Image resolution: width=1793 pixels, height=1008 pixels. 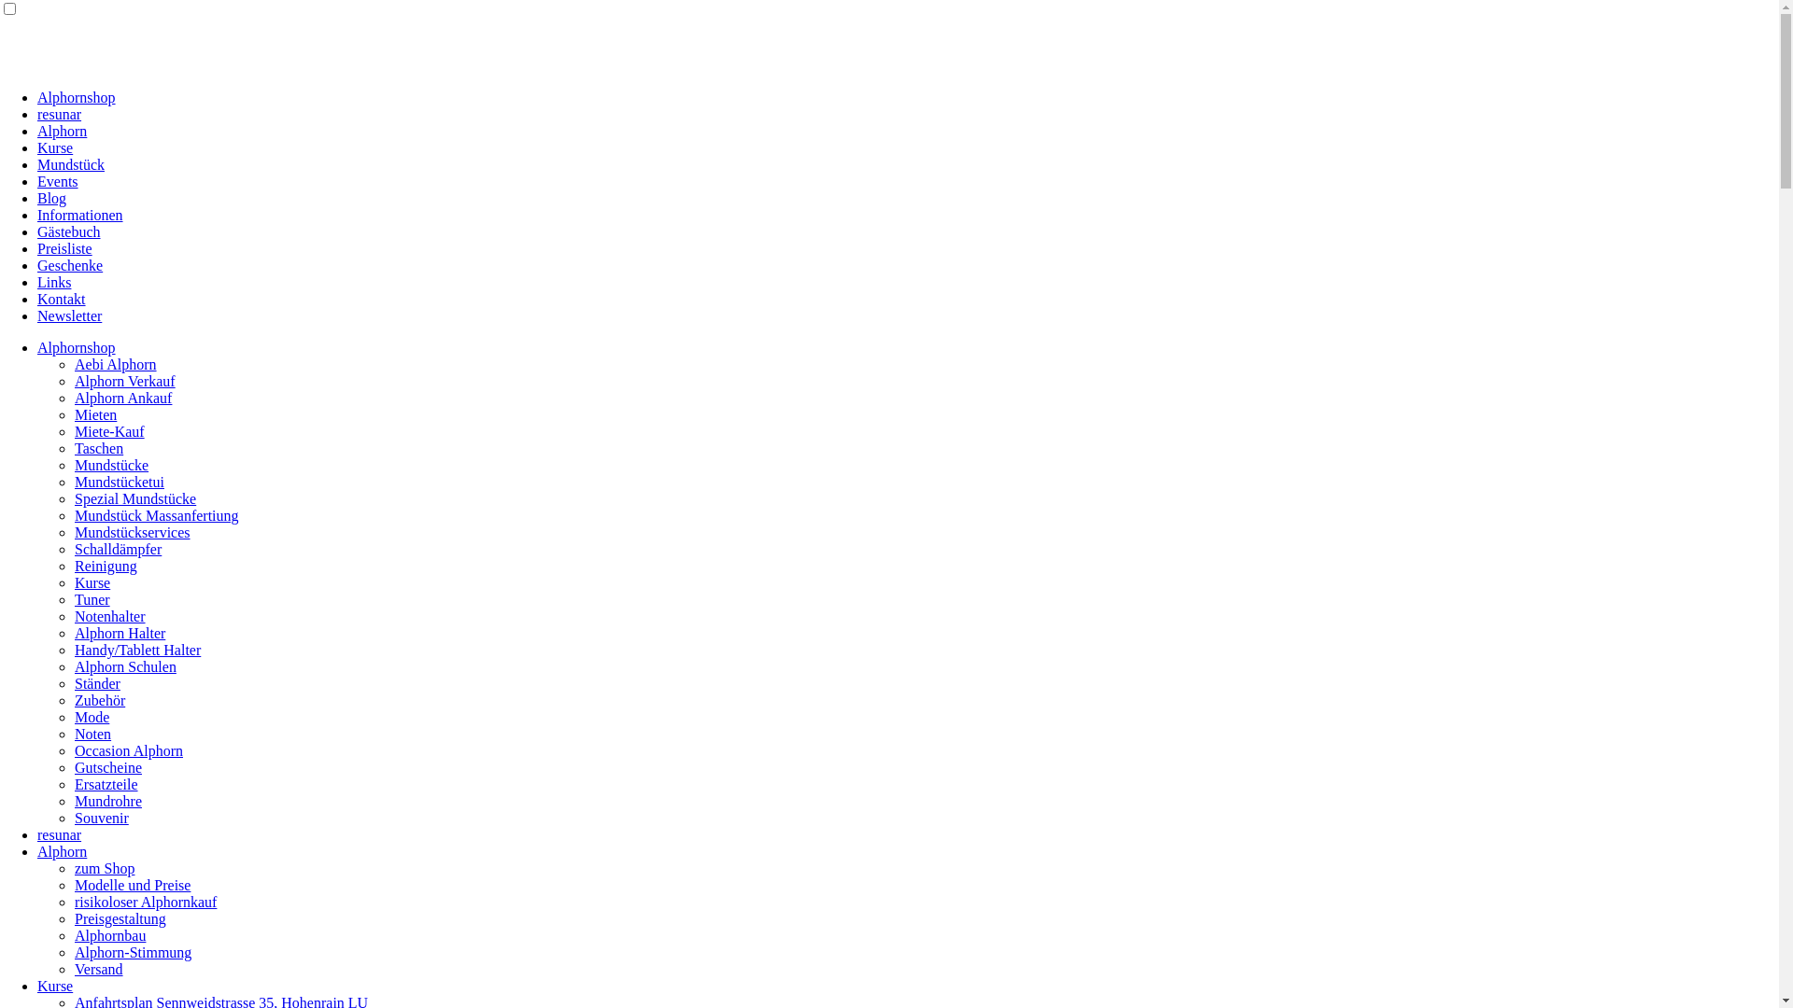 What do you see at coordinates (132, 884) in the screenshot?
I see `'Modelle und Preise'` at bounding box center [132, 884].